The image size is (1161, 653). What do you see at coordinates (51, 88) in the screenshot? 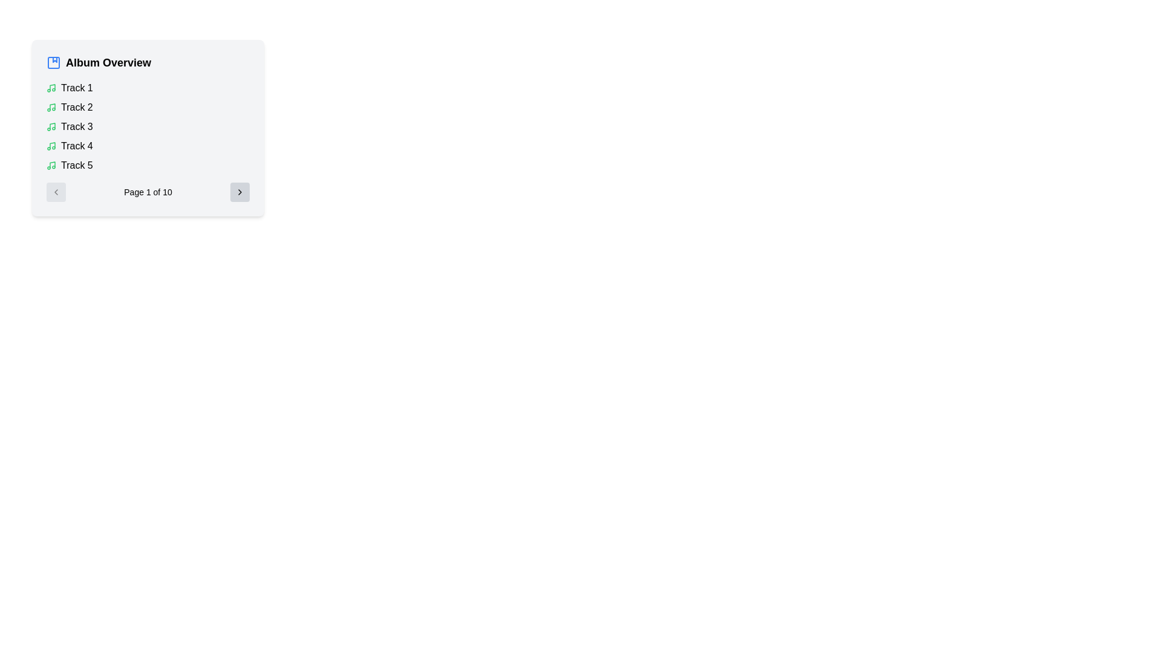
I see `the green musical note SVG icon located to the left of 'Track 1' in the 'Album Overview' section` at bounding box center [51, 88].